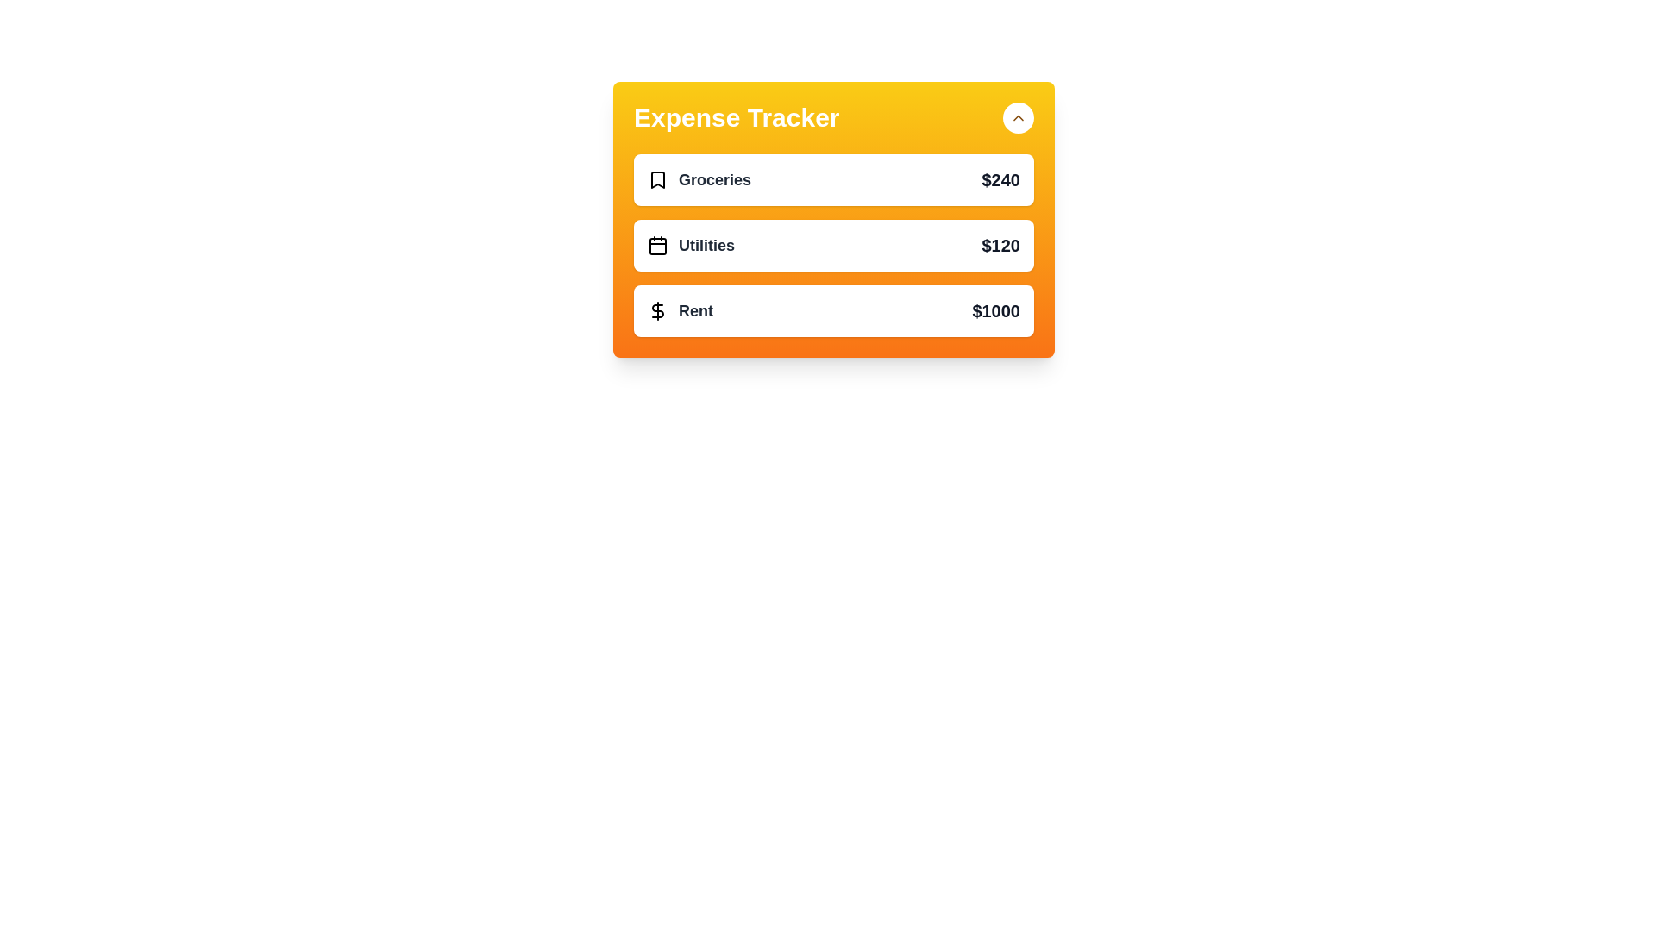  Describe the element at coordinates (833, 179) in the screenshot. I see `the 'Groceries' expense item to observe the hover effect` at that location.